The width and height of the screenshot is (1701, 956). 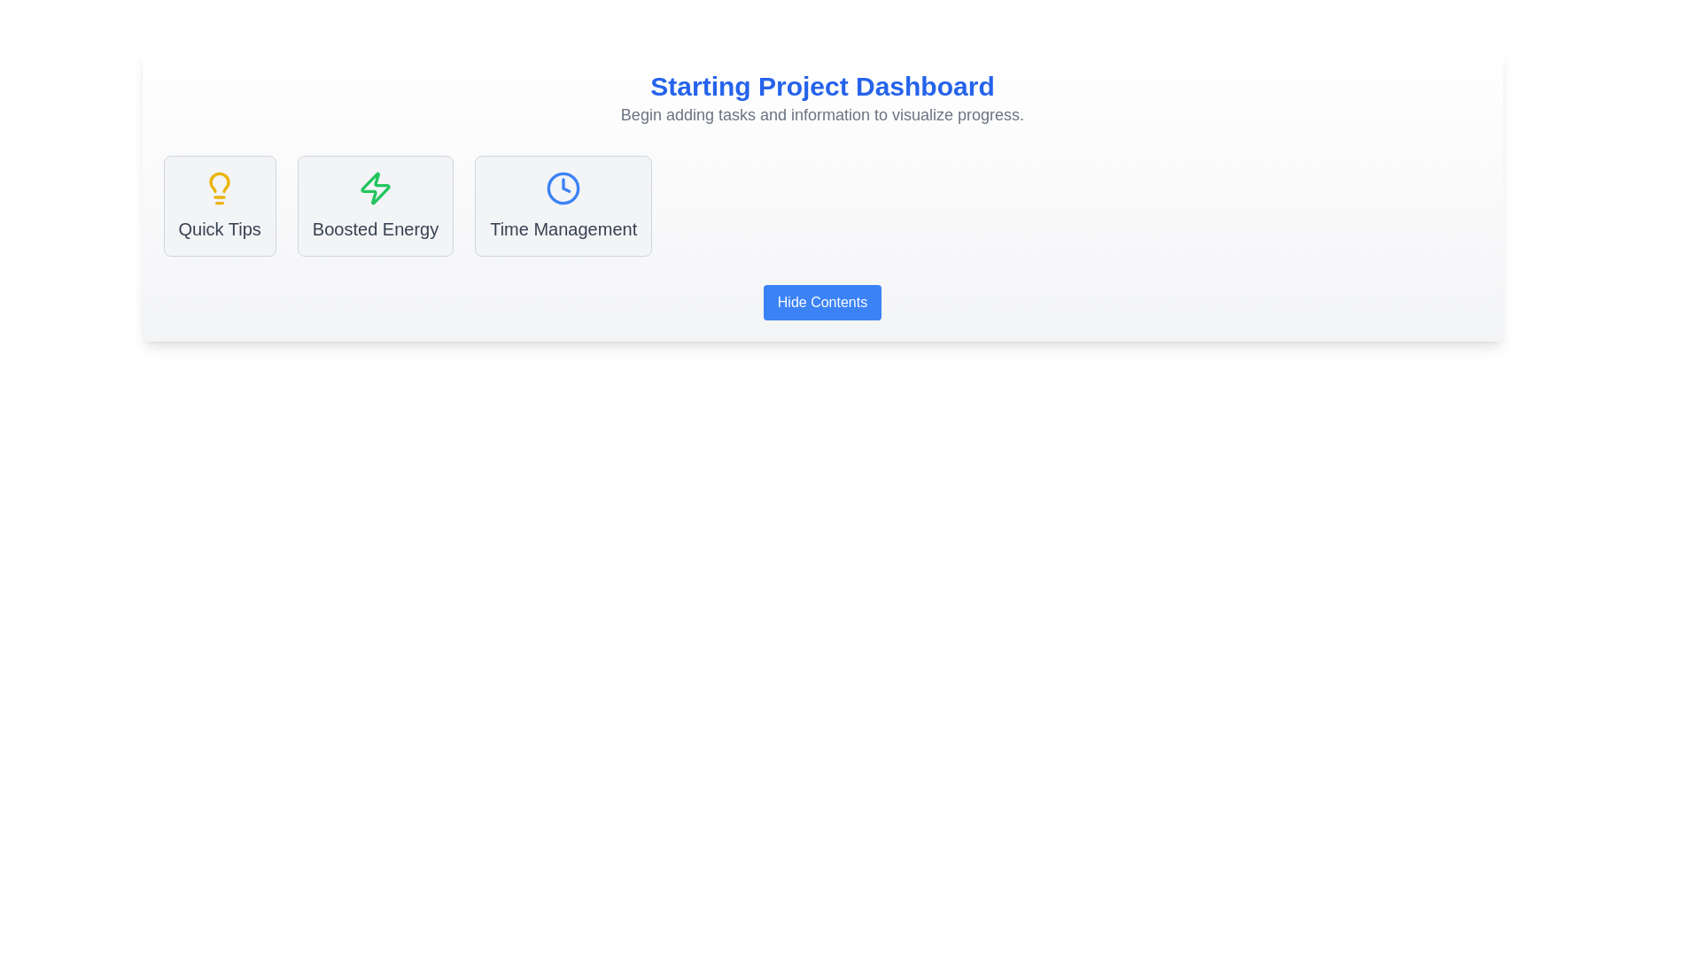 What do you see at coordinates (820, 302) in the screenshot?
I see `the button located below the main heading 'Starting Project Dashboard'` at bounding box center [820, 302].